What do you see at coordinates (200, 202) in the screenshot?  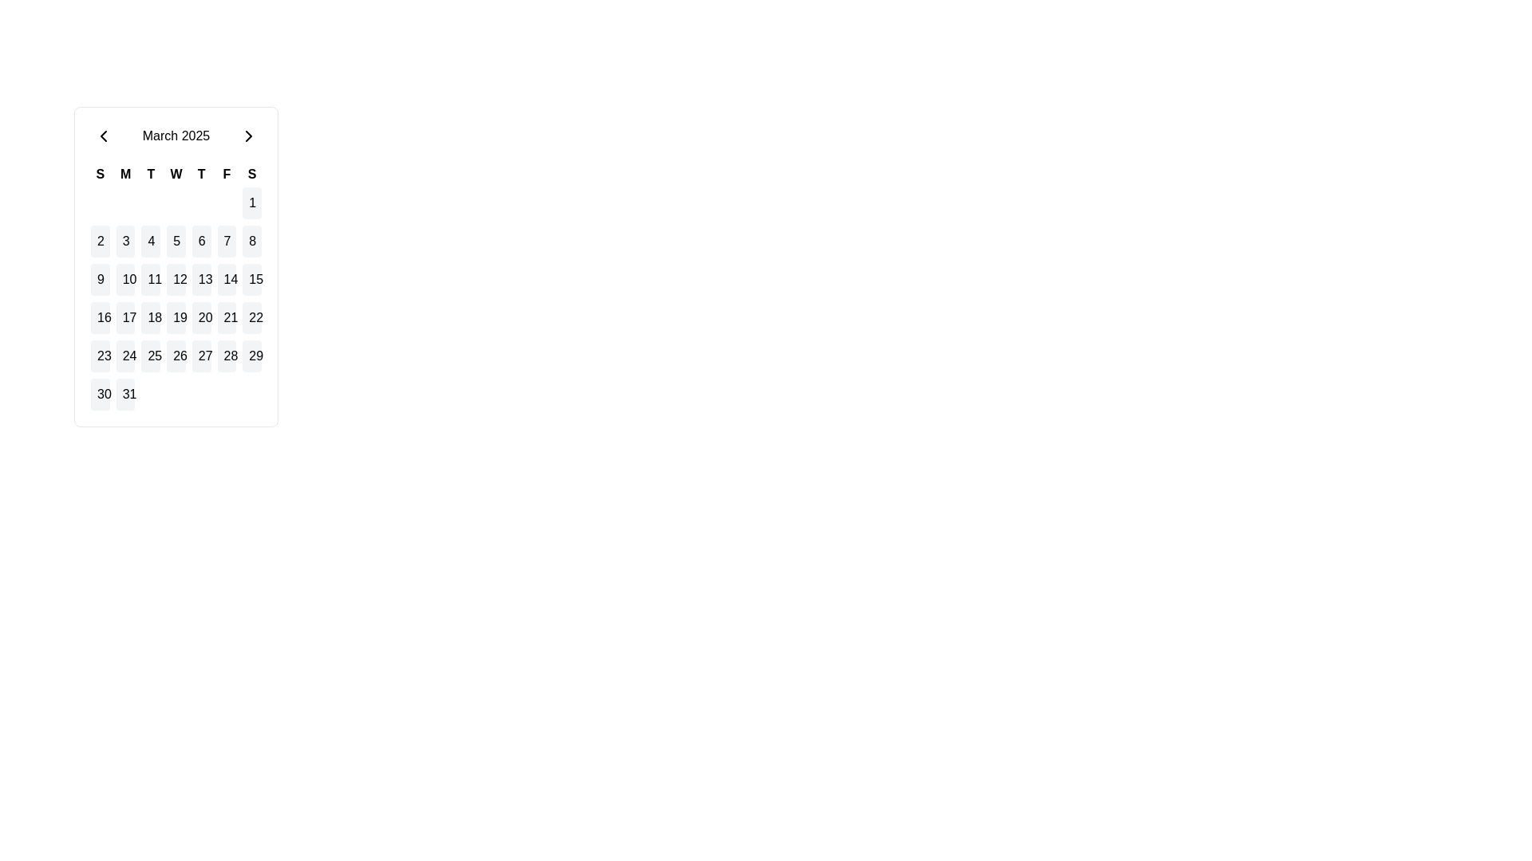 I see `the non-interactive, empty Calendar cell located in the first row under the weekday headers, specifically in the fifth column corresponding to Thursday` at bounding box center [200, 202].